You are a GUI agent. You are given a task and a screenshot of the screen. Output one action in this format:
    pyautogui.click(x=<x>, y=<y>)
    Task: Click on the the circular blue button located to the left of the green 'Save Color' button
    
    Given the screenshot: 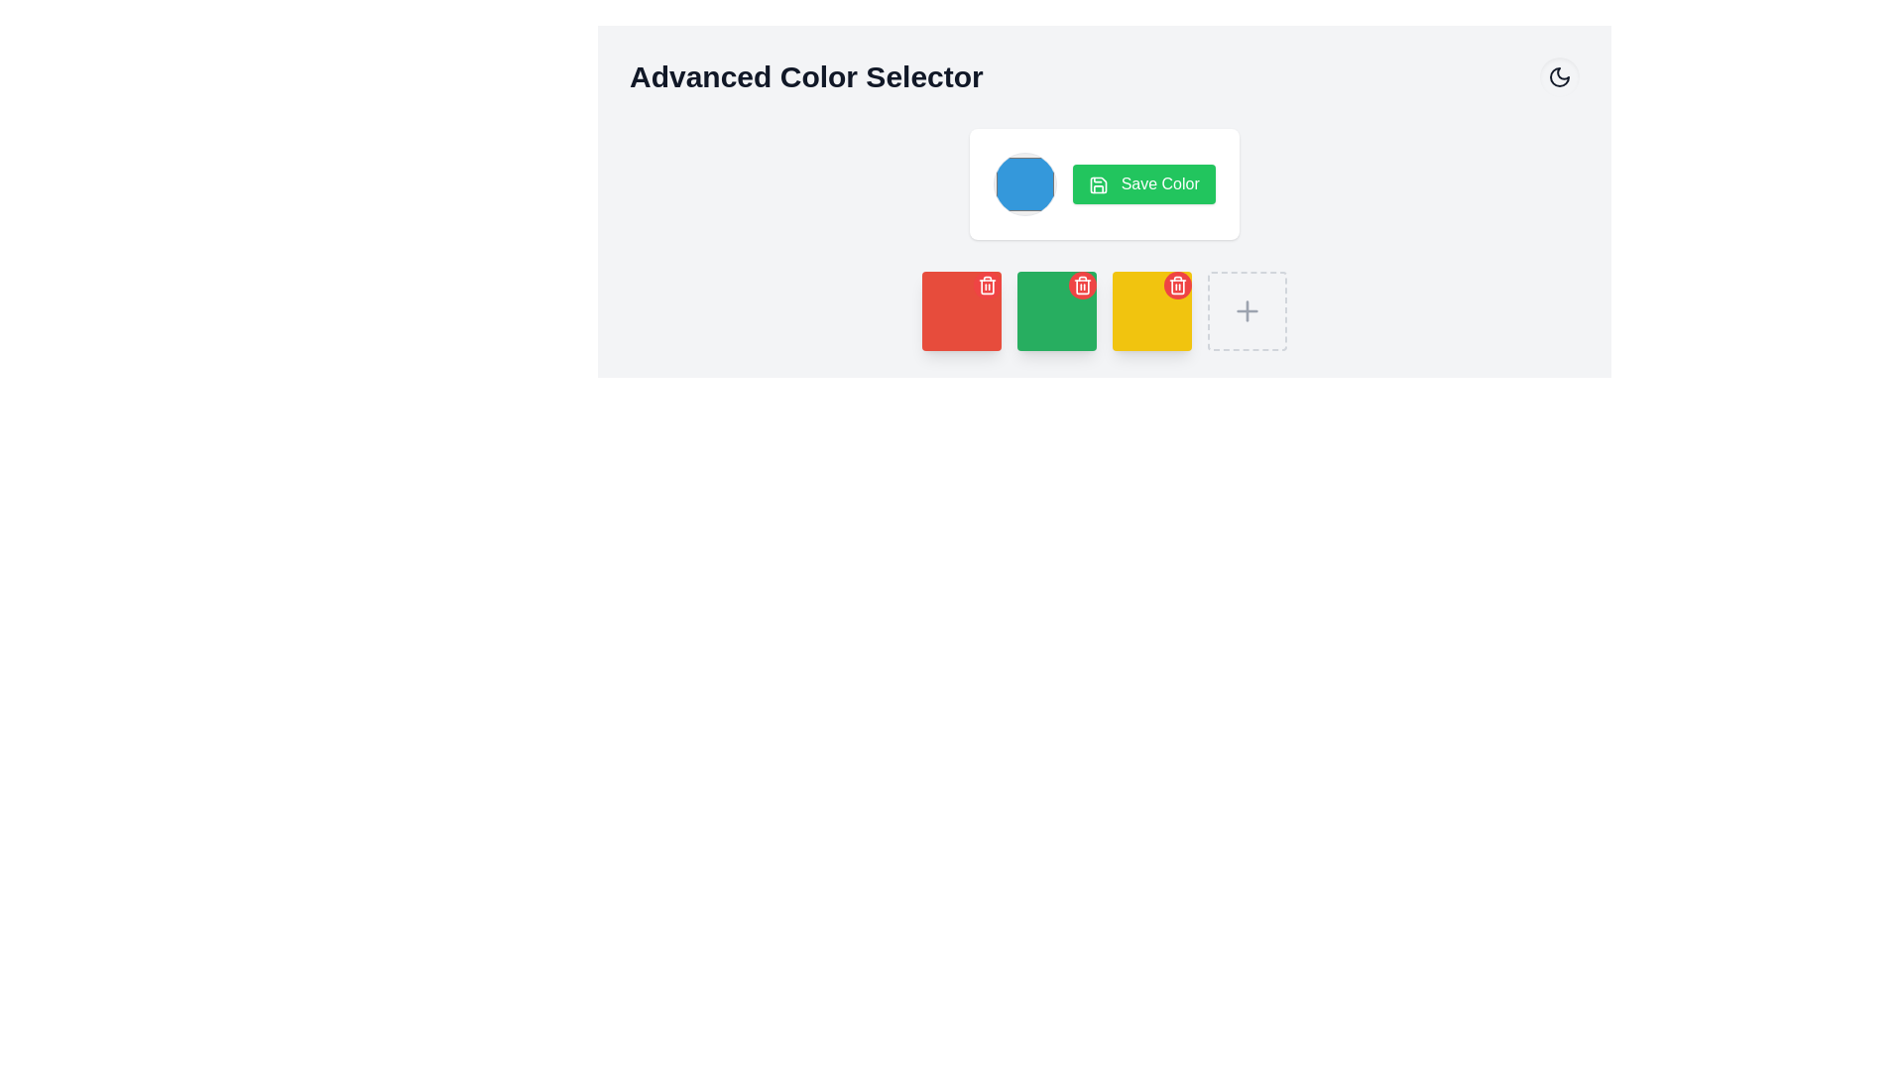 What is the action you would take?
    pyautogui.click(x=1024, y=183)
    